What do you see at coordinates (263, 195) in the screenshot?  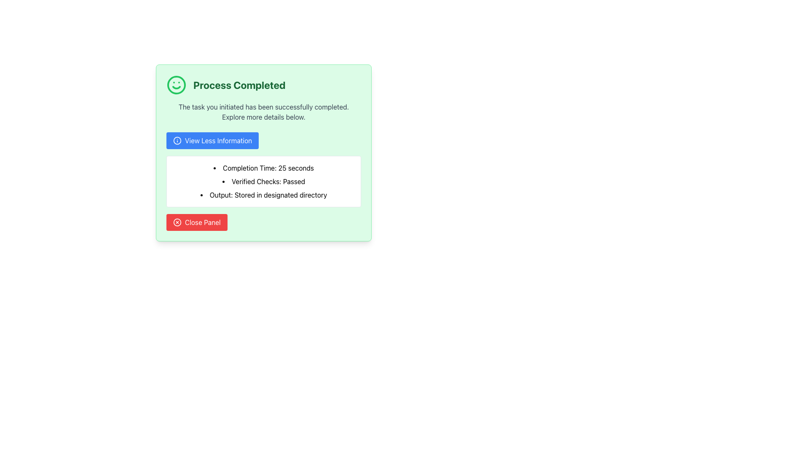 I see `the text element that informs the user about the location of the stored output, which is the third item in the 'Process Completed' section` at bounding box center [263, 195].